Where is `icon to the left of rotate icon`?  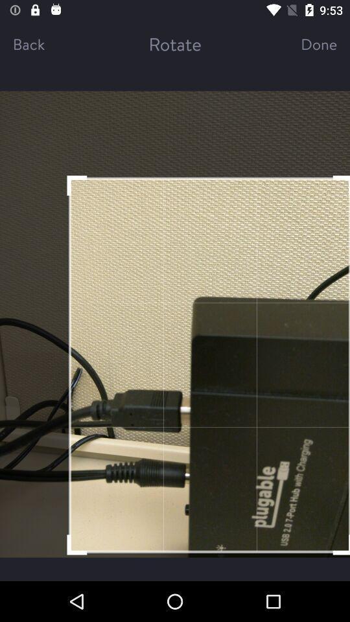 icon to the left of rotate icon is located at coordinates (42, 43).